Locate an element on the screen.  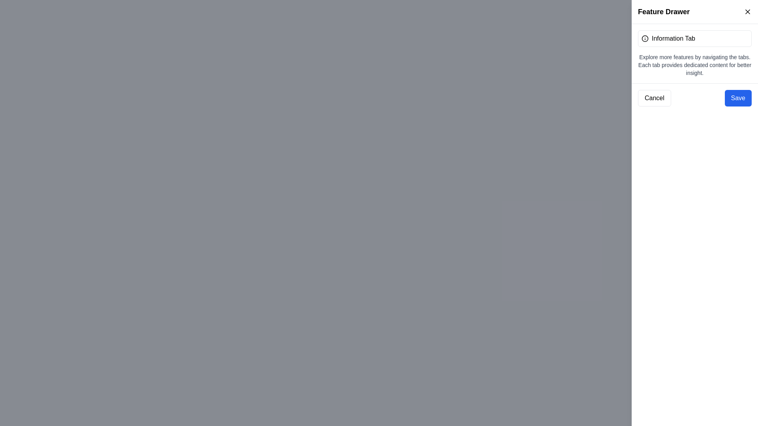
the 'X' icon button in the top-right corner of the 'Feature Drawer' panel is located at coordinates (747, 12).